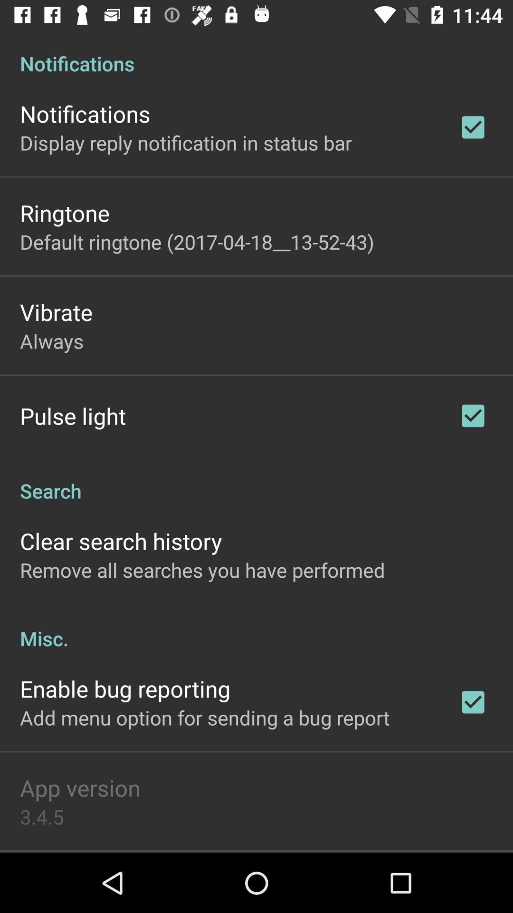  I want to click on the app above app version app, so click(204, 717).